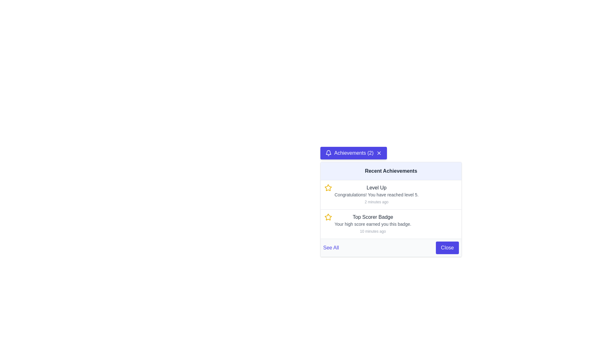  Describe the element at coordinates (328, 217) in the screenshot. I see `the yellow star icon with a hollow center located in the 'Recent Achievements' section, to the left of the text 'Level Up'` at that location.